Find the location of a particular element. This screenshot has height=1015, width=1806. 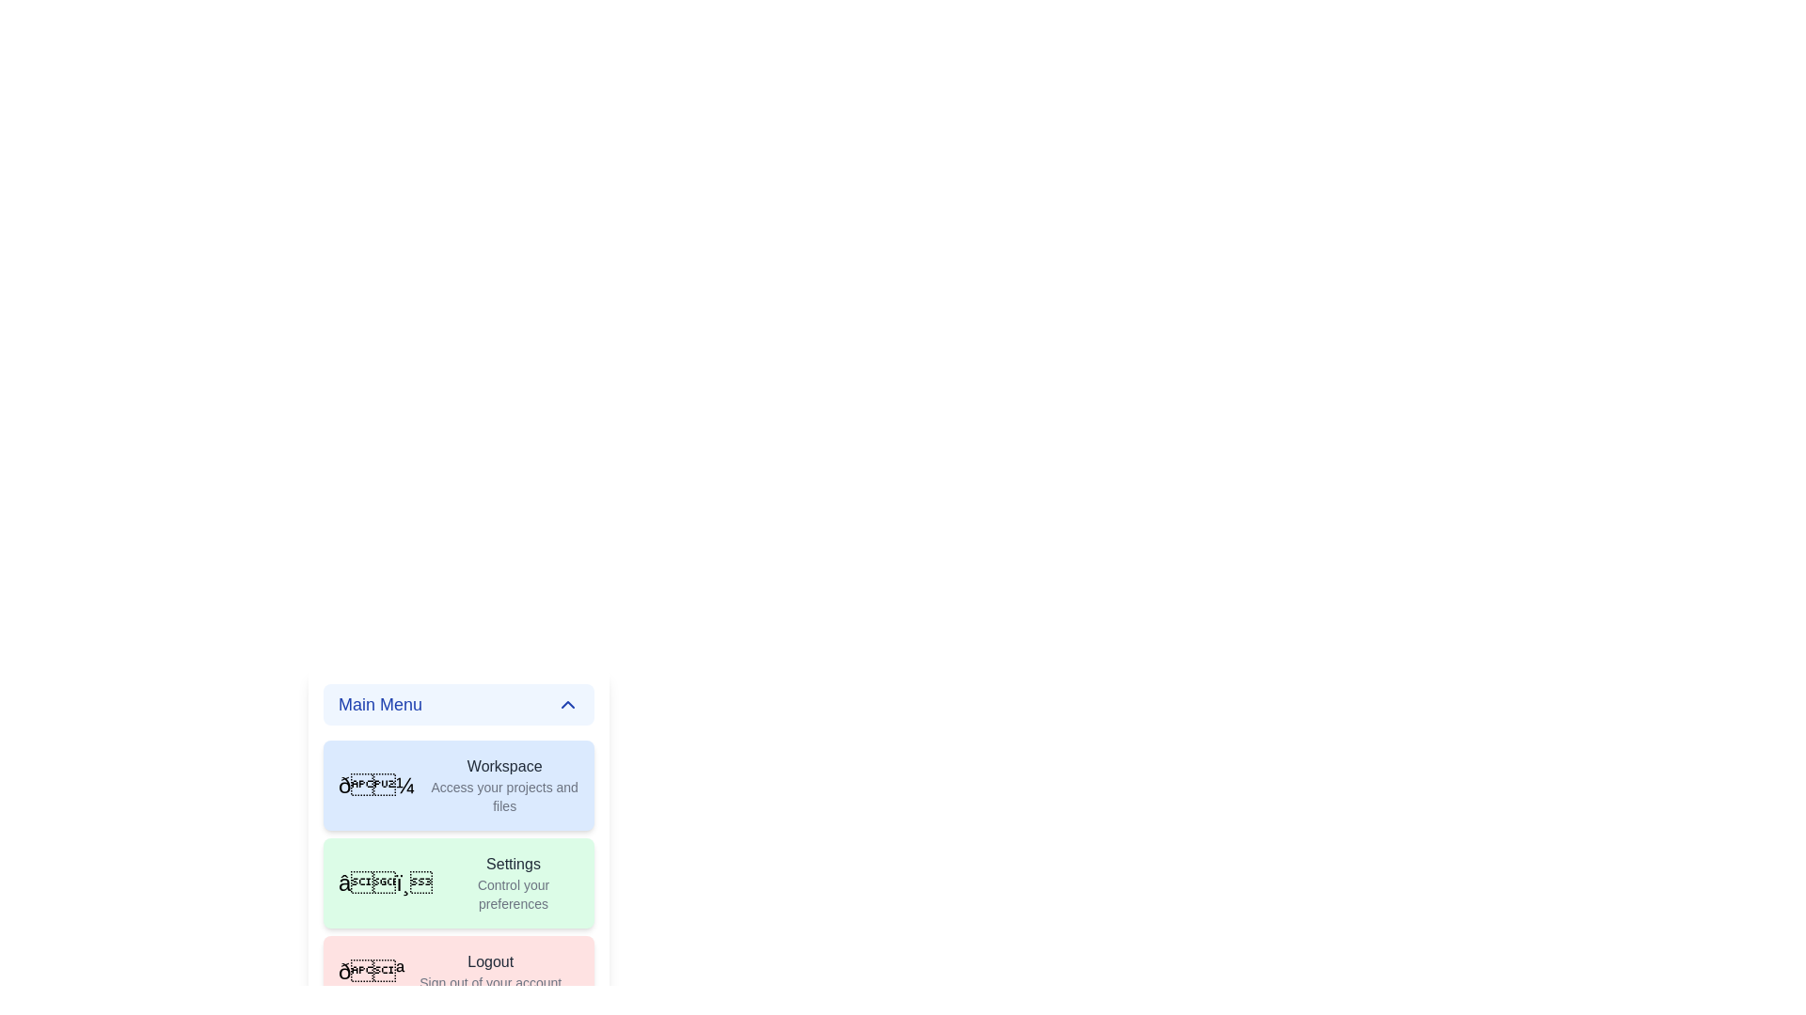

the text label representing the logout functionality in the Main Menu, located at the bottom-most section above the 'Sign out of your account' text is located at coordinates (490, 961).